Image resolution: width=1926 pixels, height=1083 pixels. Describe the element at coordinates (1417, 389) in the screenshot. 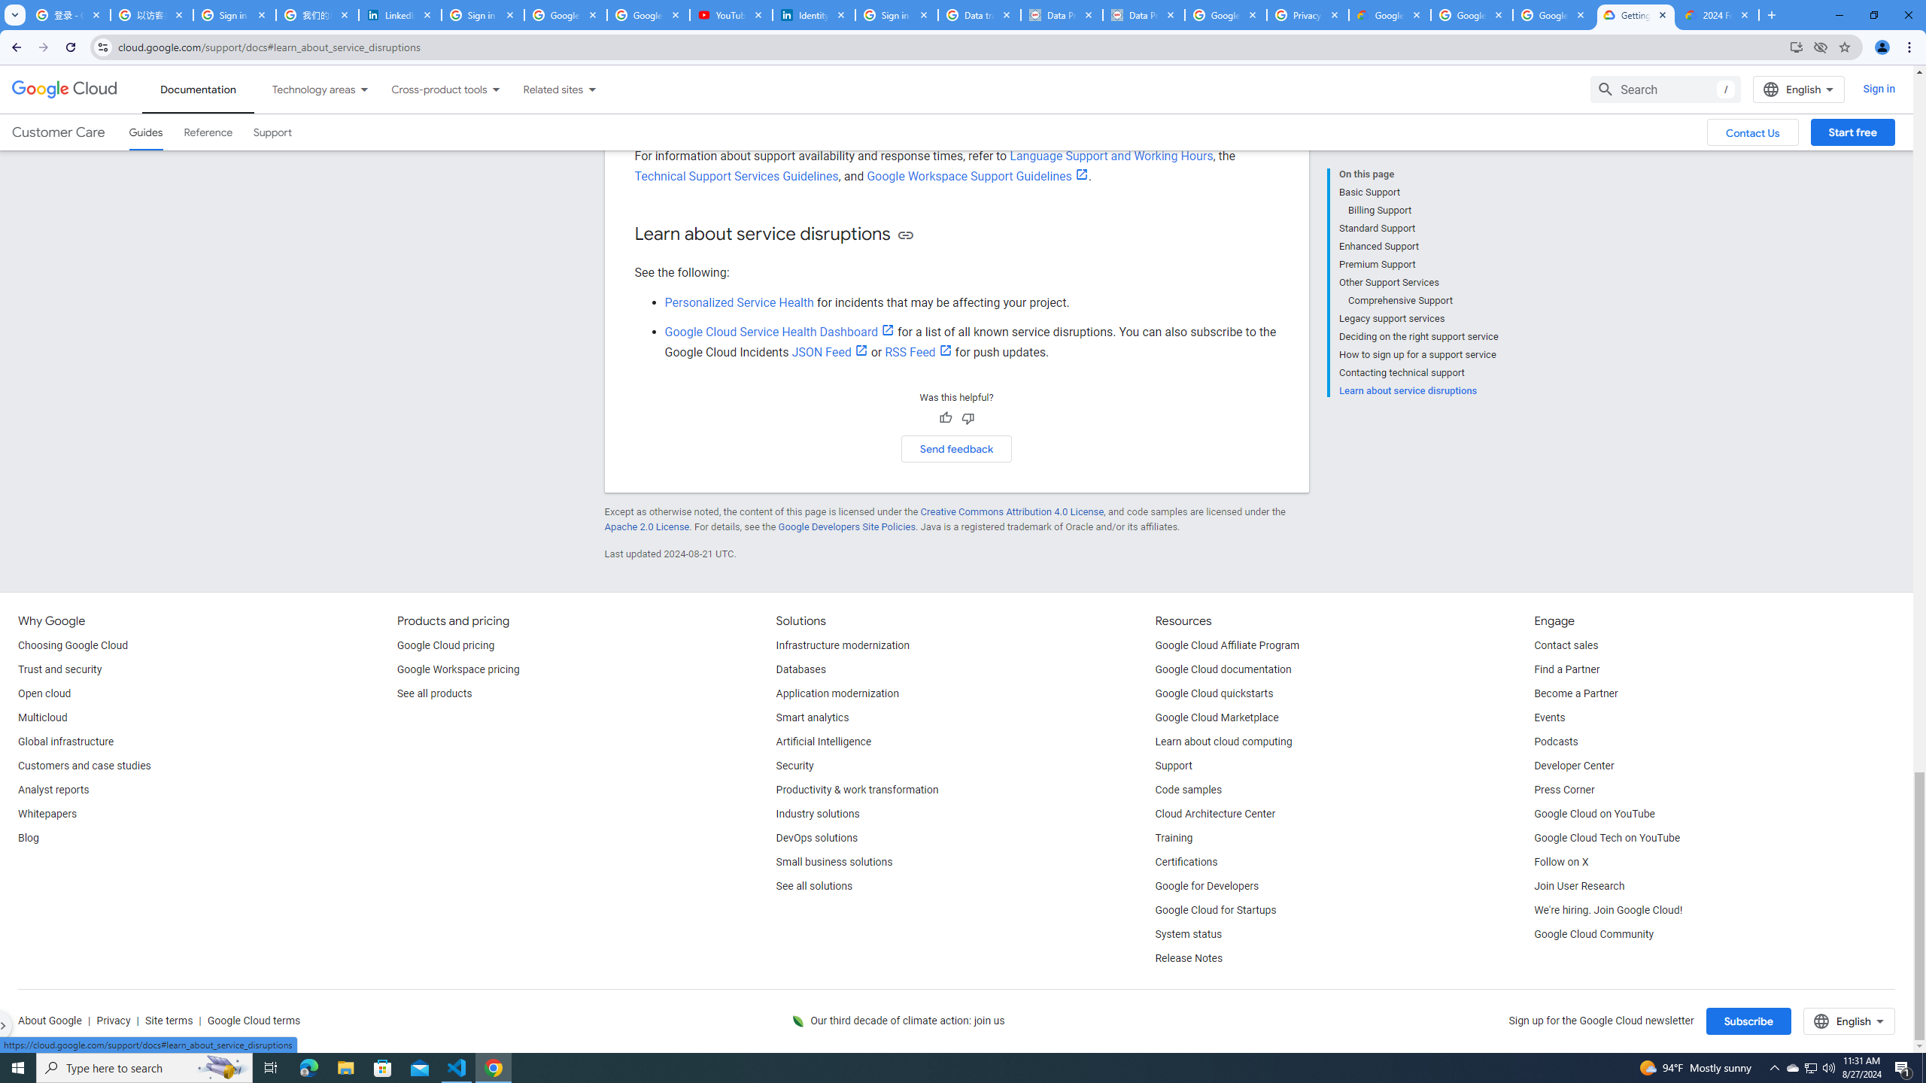

I see `'Learn about service disruptions'` at that location.